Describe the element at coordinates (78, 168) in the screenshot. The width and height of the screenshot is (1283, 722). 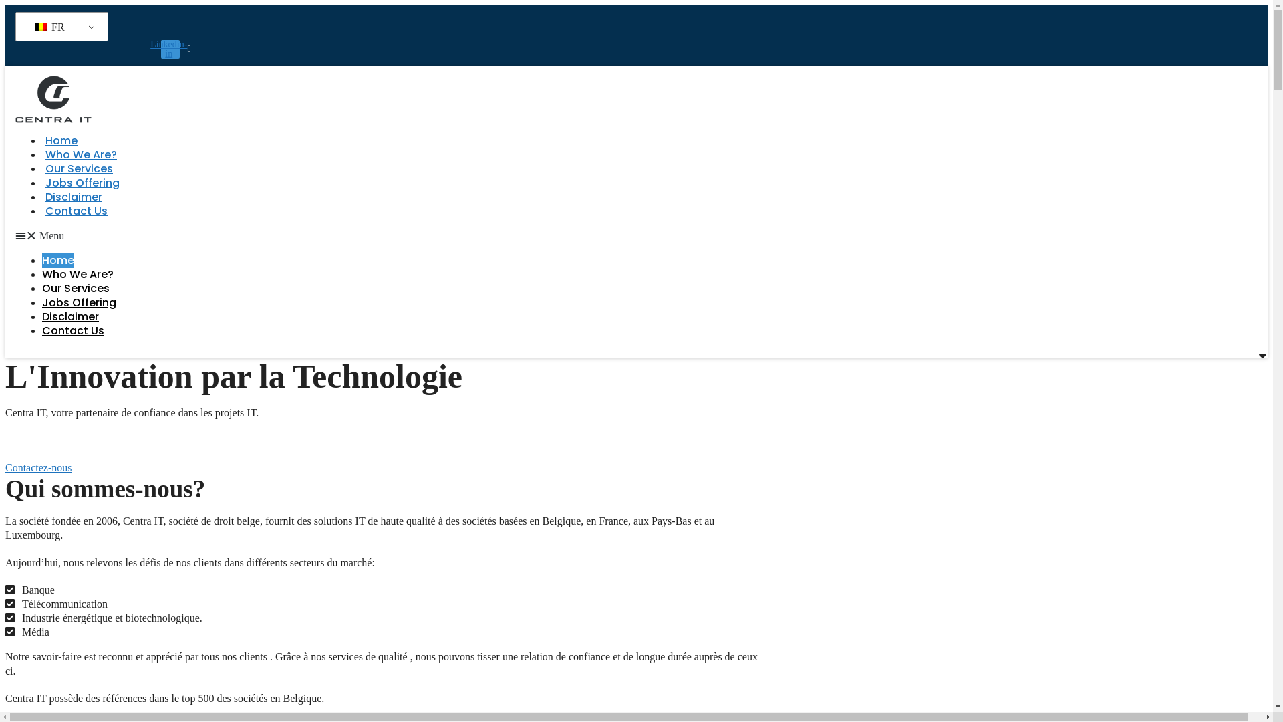
I see `'Our Services'` at that location.